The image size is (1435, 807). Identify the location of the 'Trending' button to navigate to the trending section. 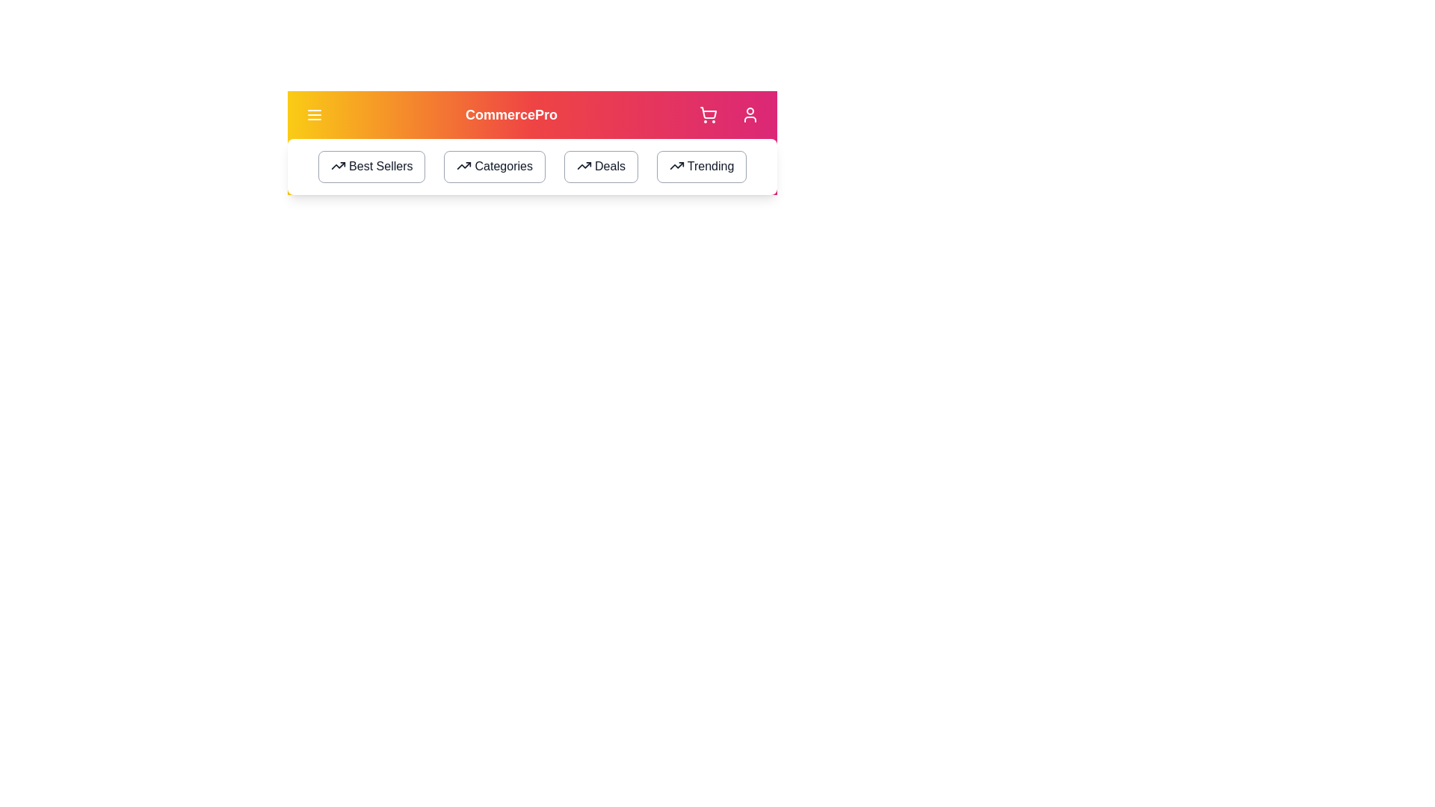
(700, 167).